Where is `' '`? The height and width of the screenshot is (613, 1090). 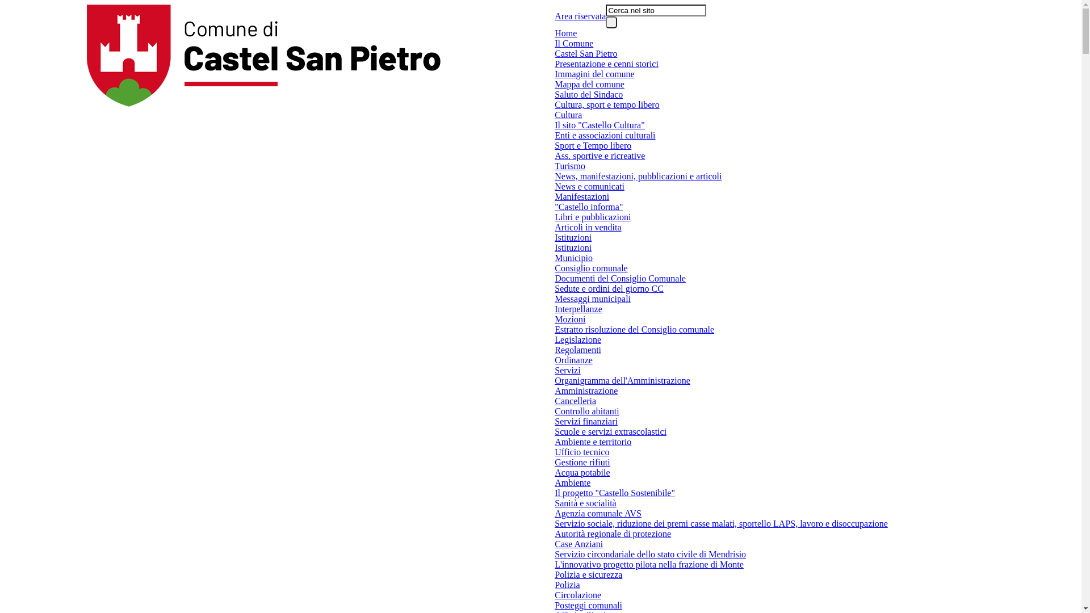 ' ' is located at coordinates (610, 22).